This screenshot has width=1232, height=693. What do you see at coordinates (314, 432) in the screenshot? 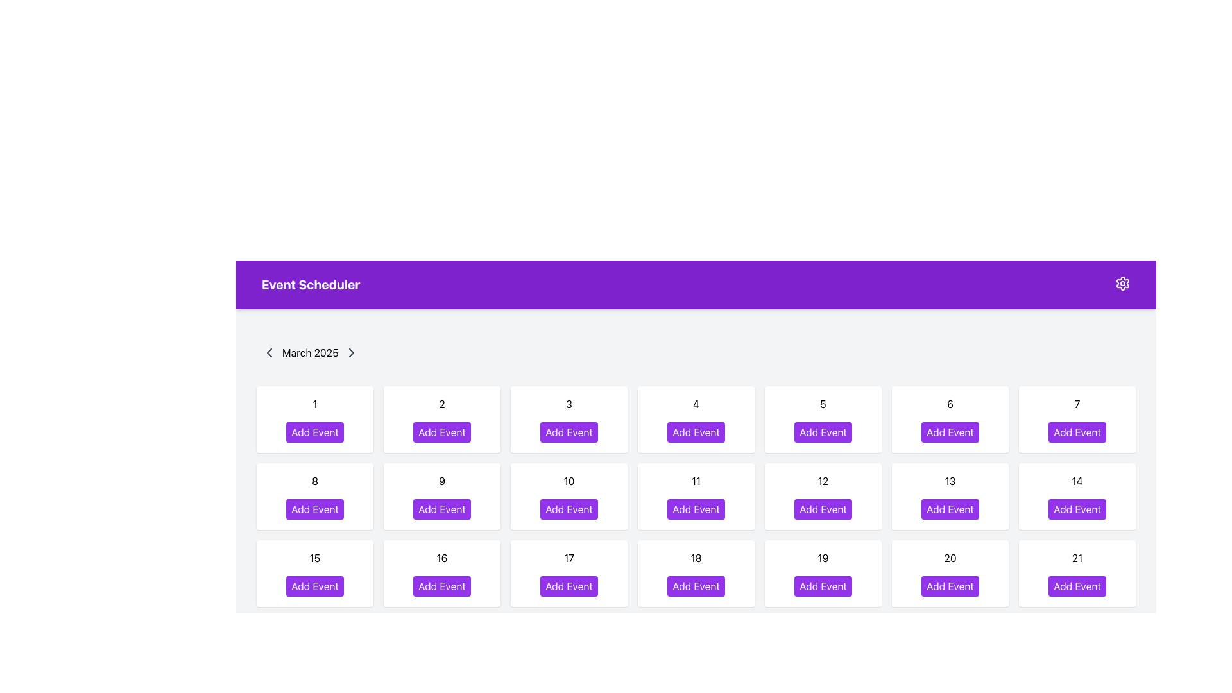
I see `the button located in the Event Scheduler interface under the calendar day labeled '1'` at bounding box center [314, 432].